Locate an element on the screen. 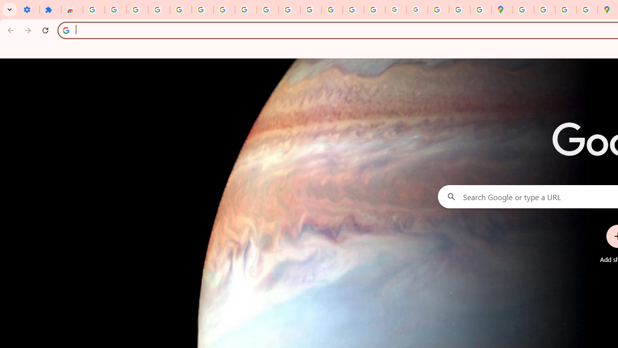 This screenshot has height=348, width=618. 'Delete photos & videos - Computer - Google Photos Help' is located at coordinates (137, 10).